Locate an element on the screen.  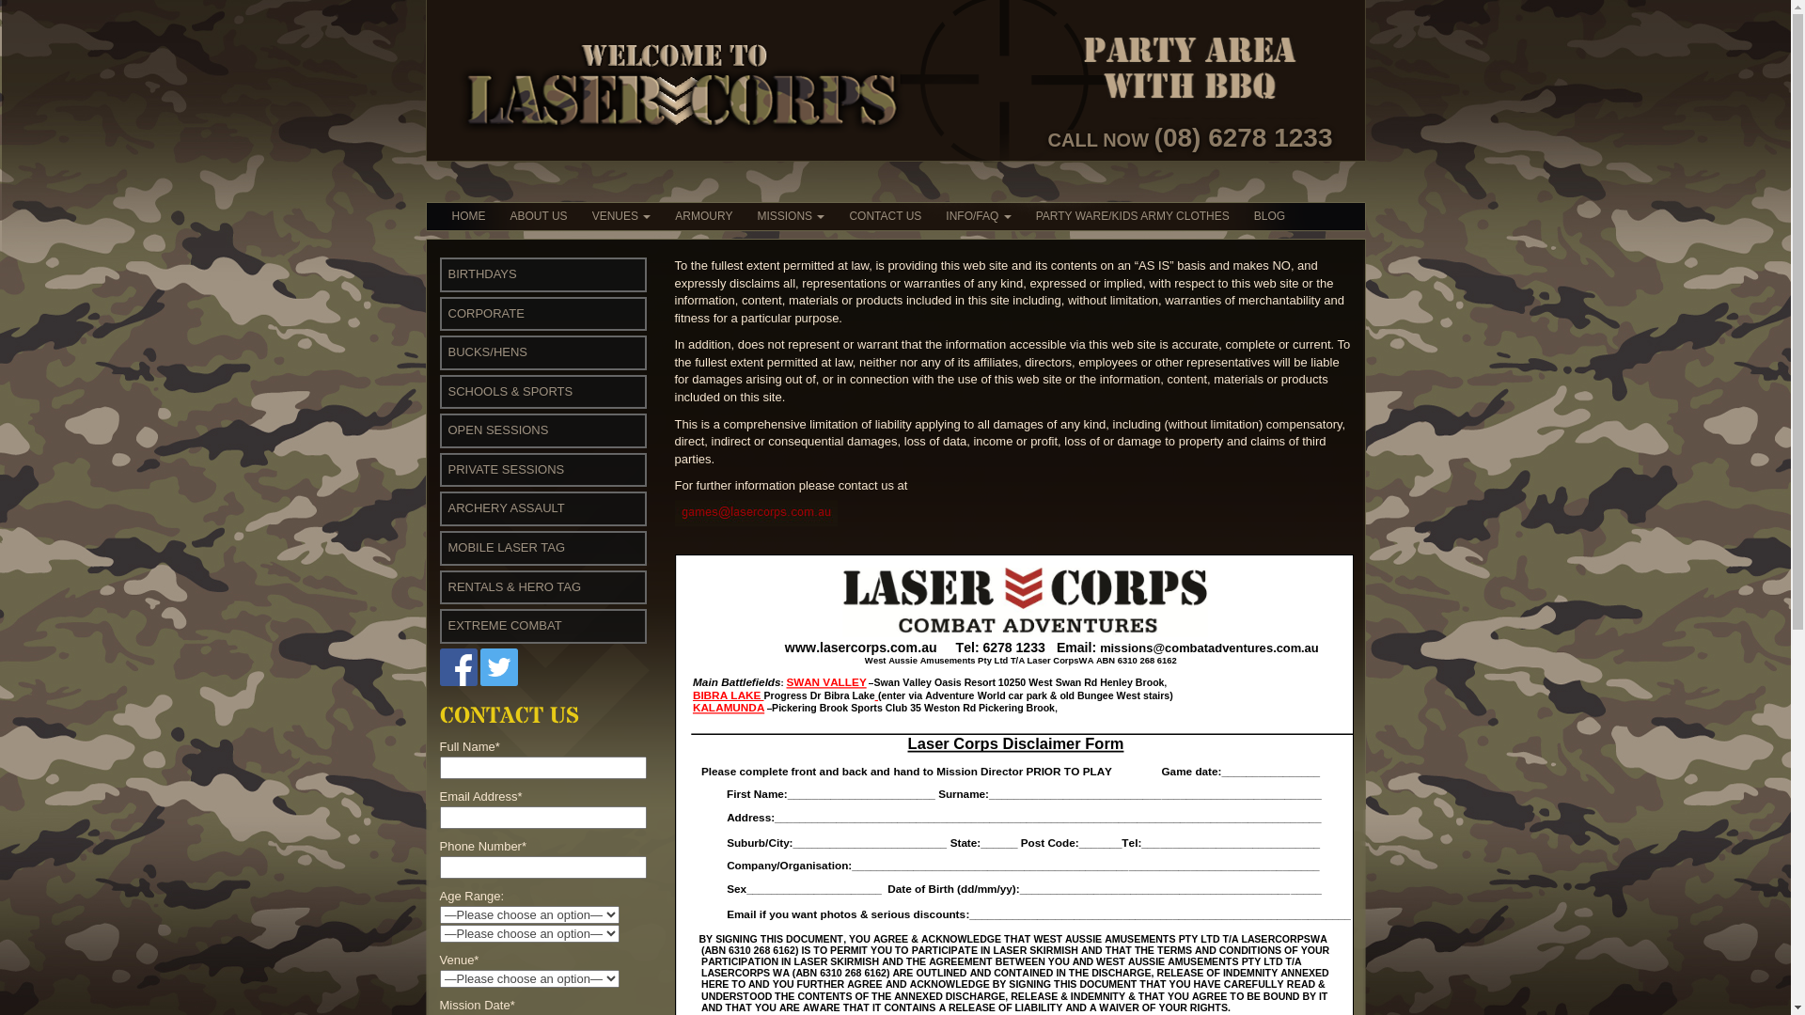
'OPEN SESSIONS' is located at coordinates (497, 429).